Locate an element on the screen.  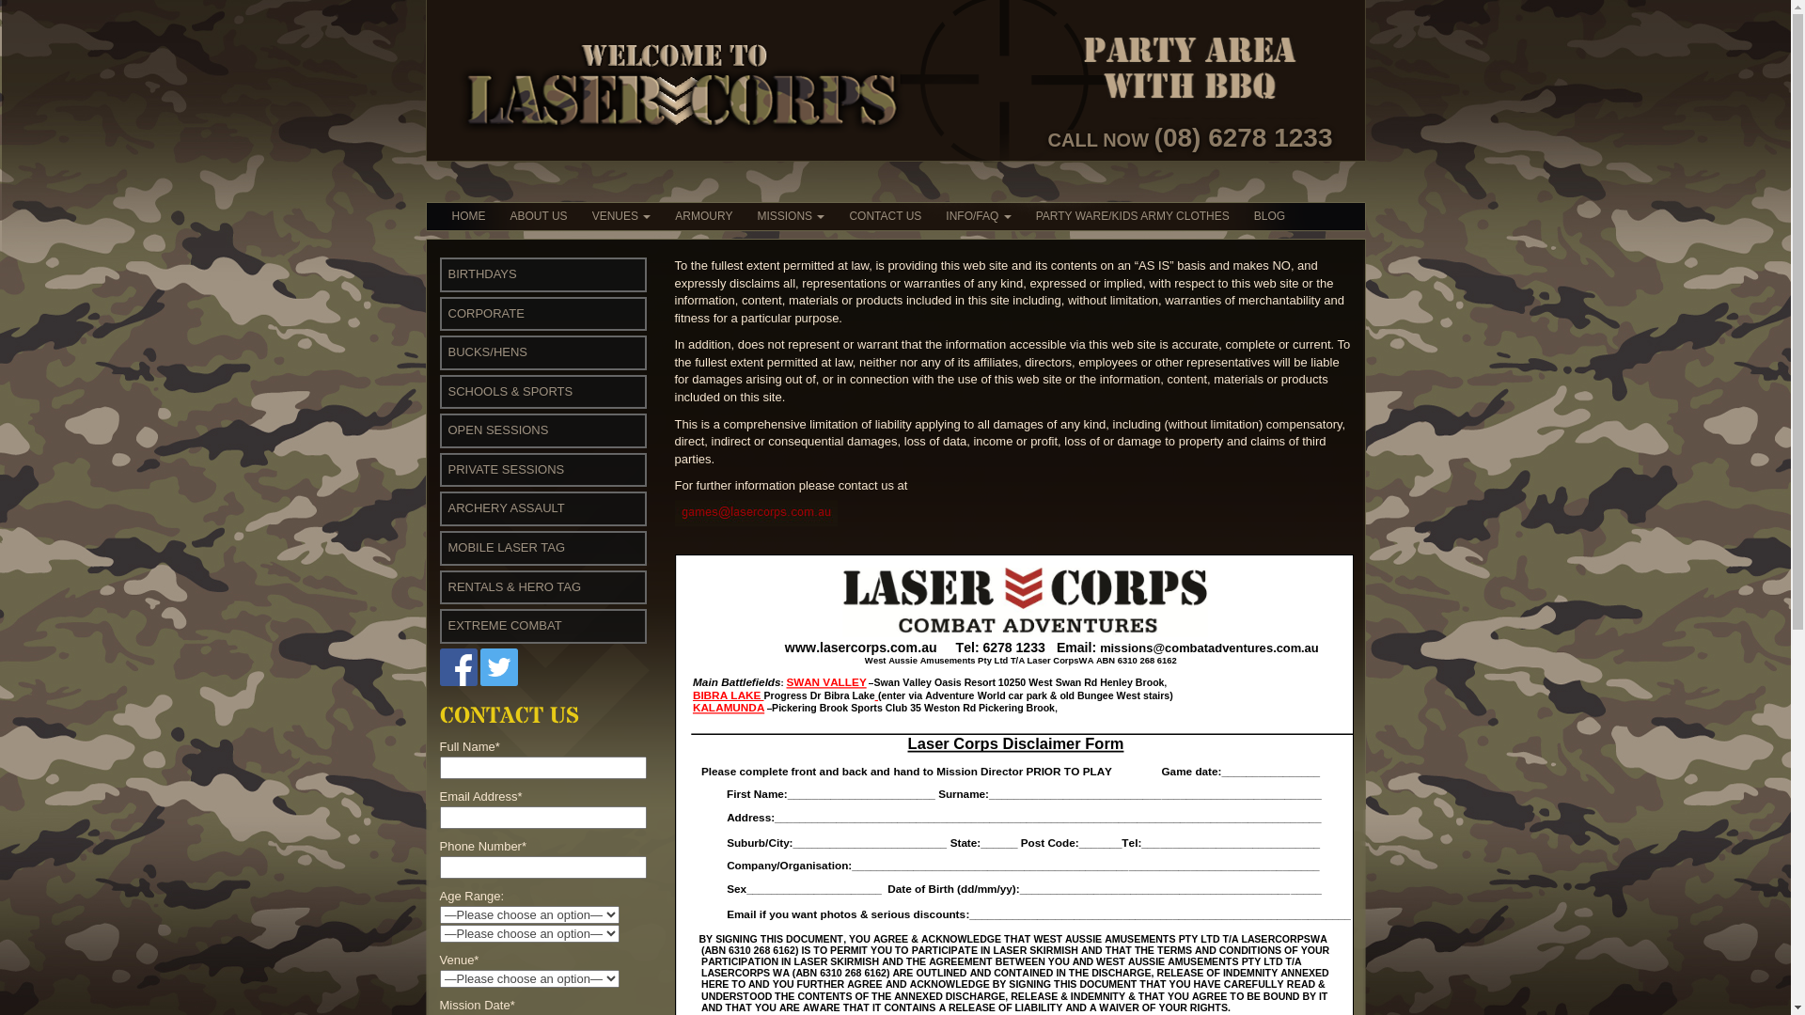
'OPEN SESSIONS' is located at coordinates (497, 429).